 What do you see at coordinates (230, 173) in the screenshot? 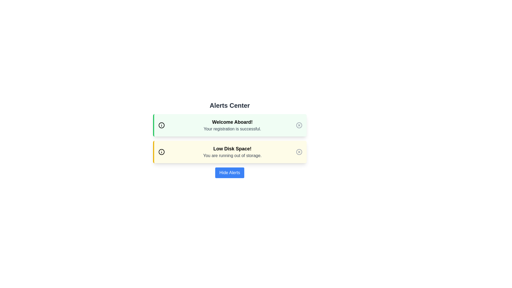
I see `the 'Hide Alerts' button, which is a rectangular button with rounded corners, blue background, and white text, located below the 'Low Disk Space!' alert box` at bounding box center [230, 173].